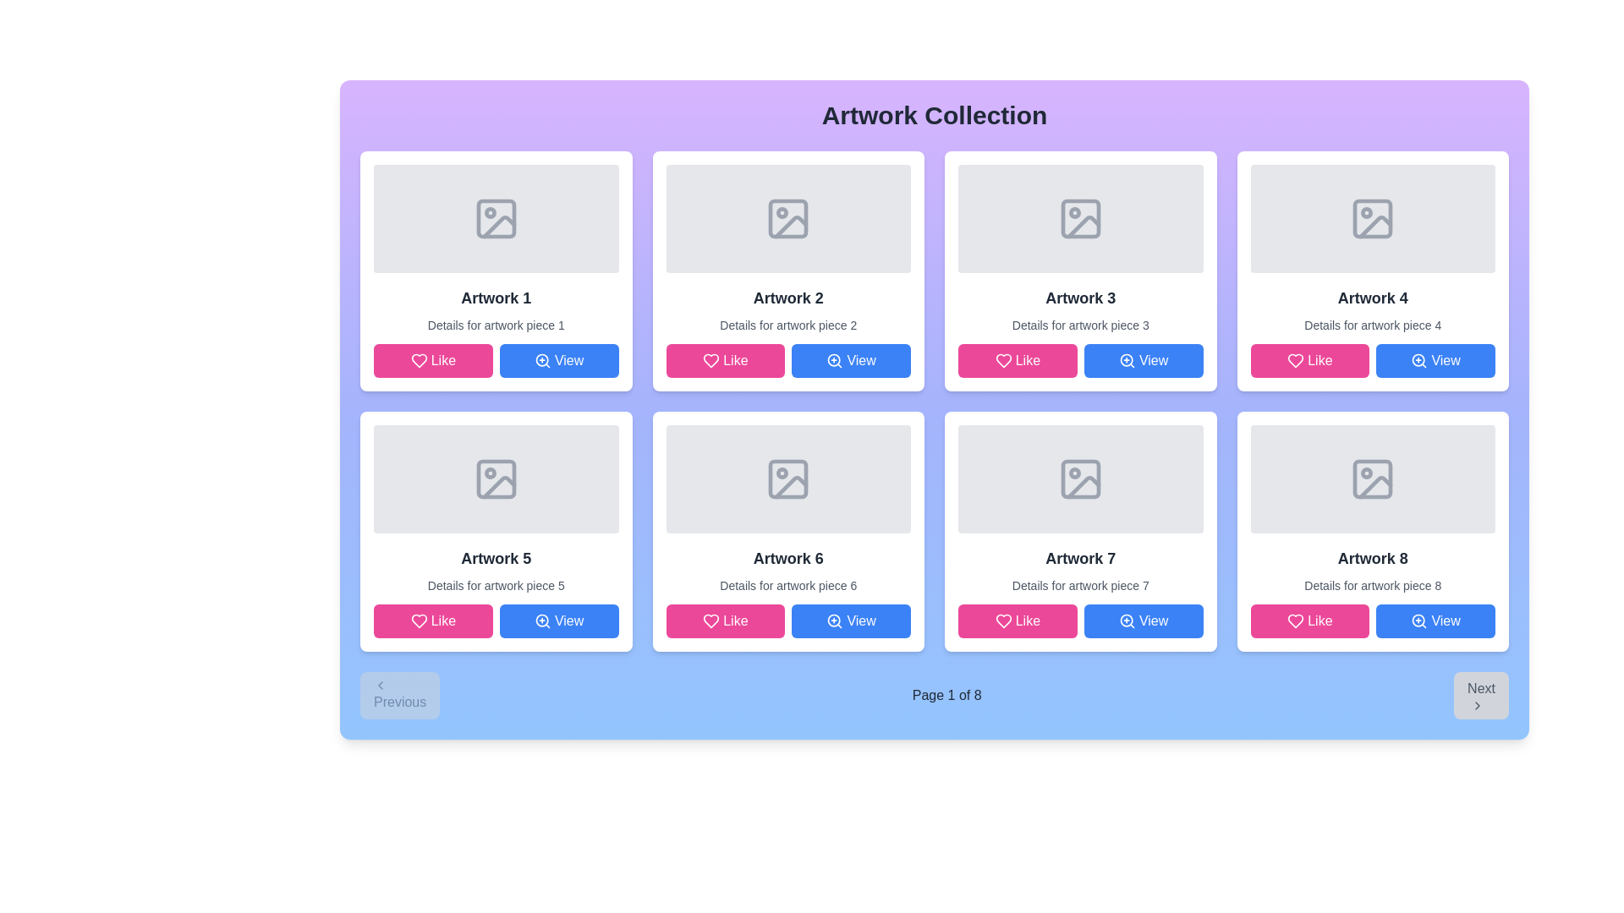 This screenshot has width=1624, height=913. Describe the element at coordinates (1003, 360) in the screenshot. I see `the heart icon representing the 'Like' action located below the card titled 'Artwork 3' in the second row, to the left of the 'View' button, to trigger a 'Like' action` at that location.